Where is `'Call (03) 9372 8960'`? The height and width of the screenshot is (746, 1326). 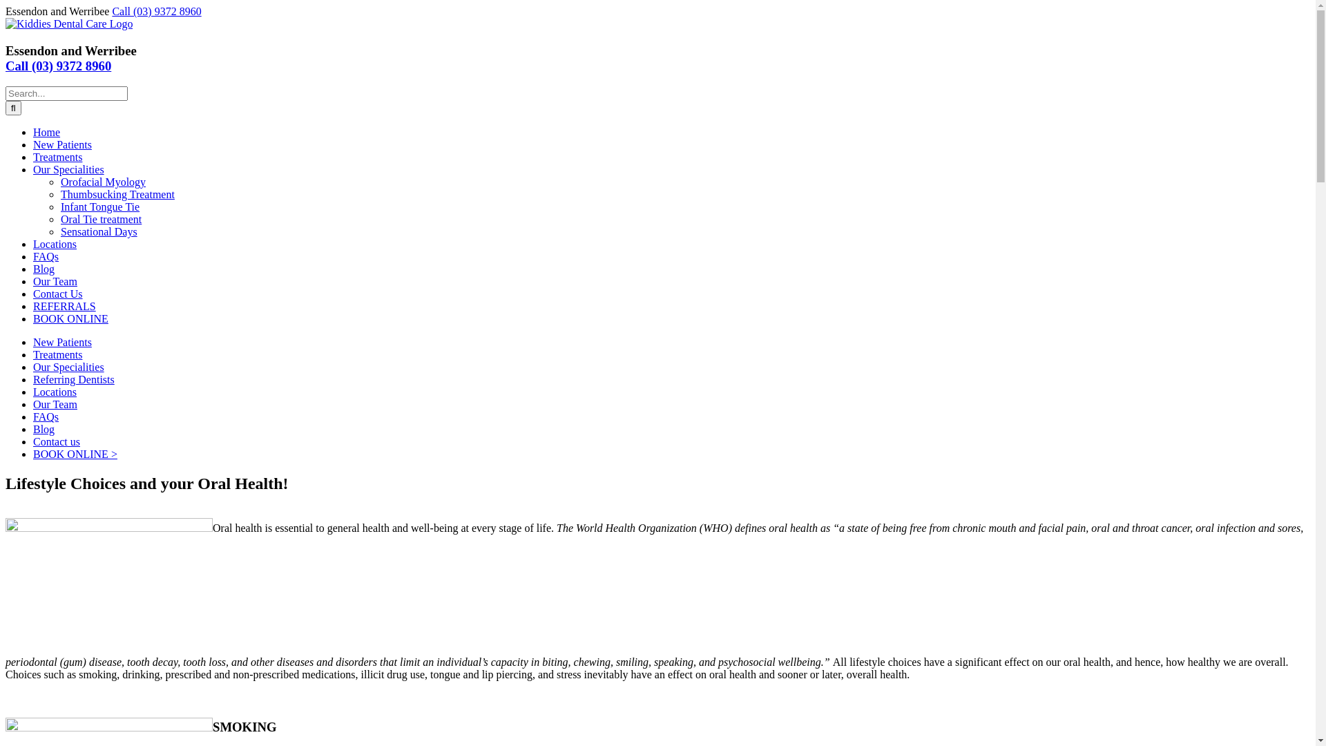
'Call (03) 9372 8960' is located at coordinates (156, 11).